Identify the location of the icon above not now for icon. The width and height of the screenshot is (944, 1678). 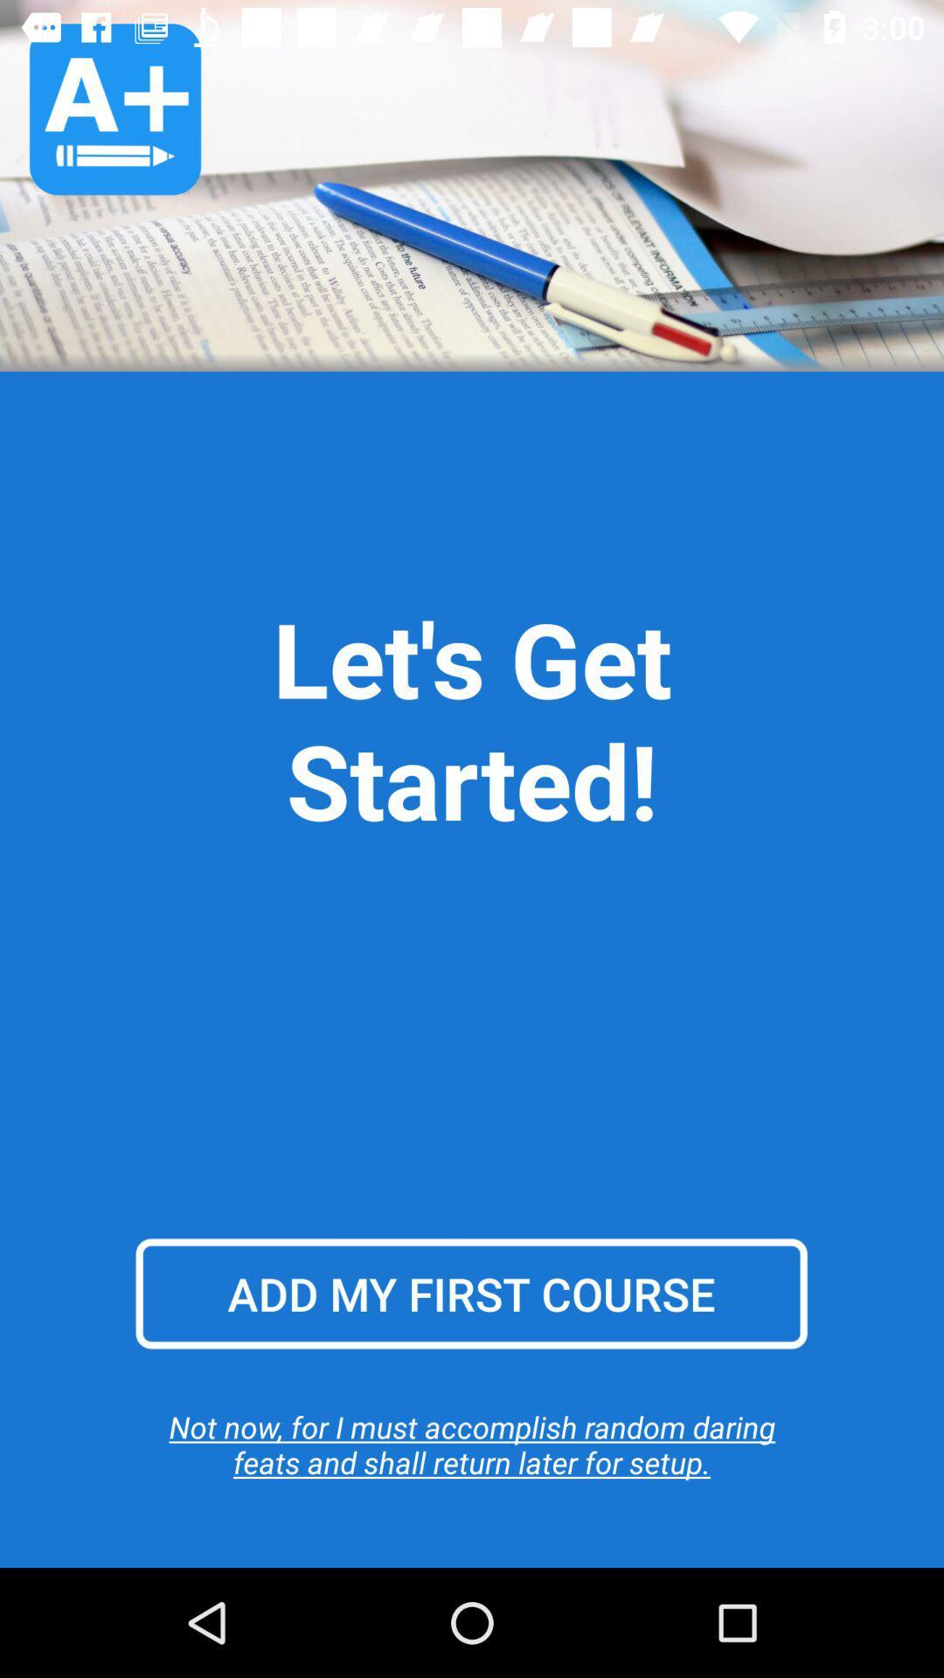
(470, 1293).